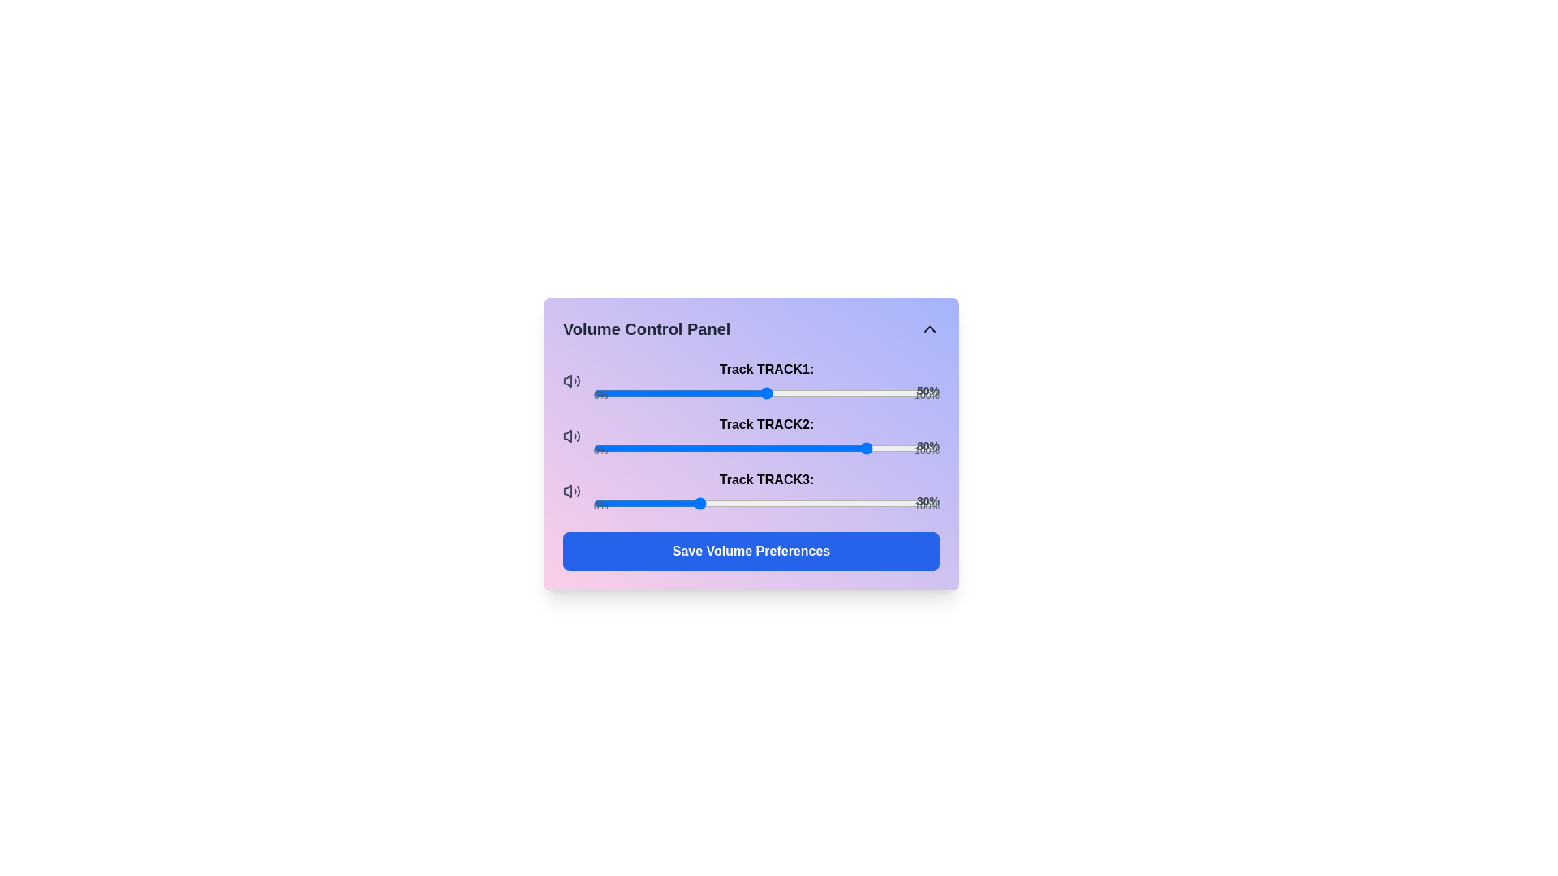 This screenshot has height=876, width=1558. Describe the element at coordinates (649, 393) in the screenshot. I see `the volume` at that location.